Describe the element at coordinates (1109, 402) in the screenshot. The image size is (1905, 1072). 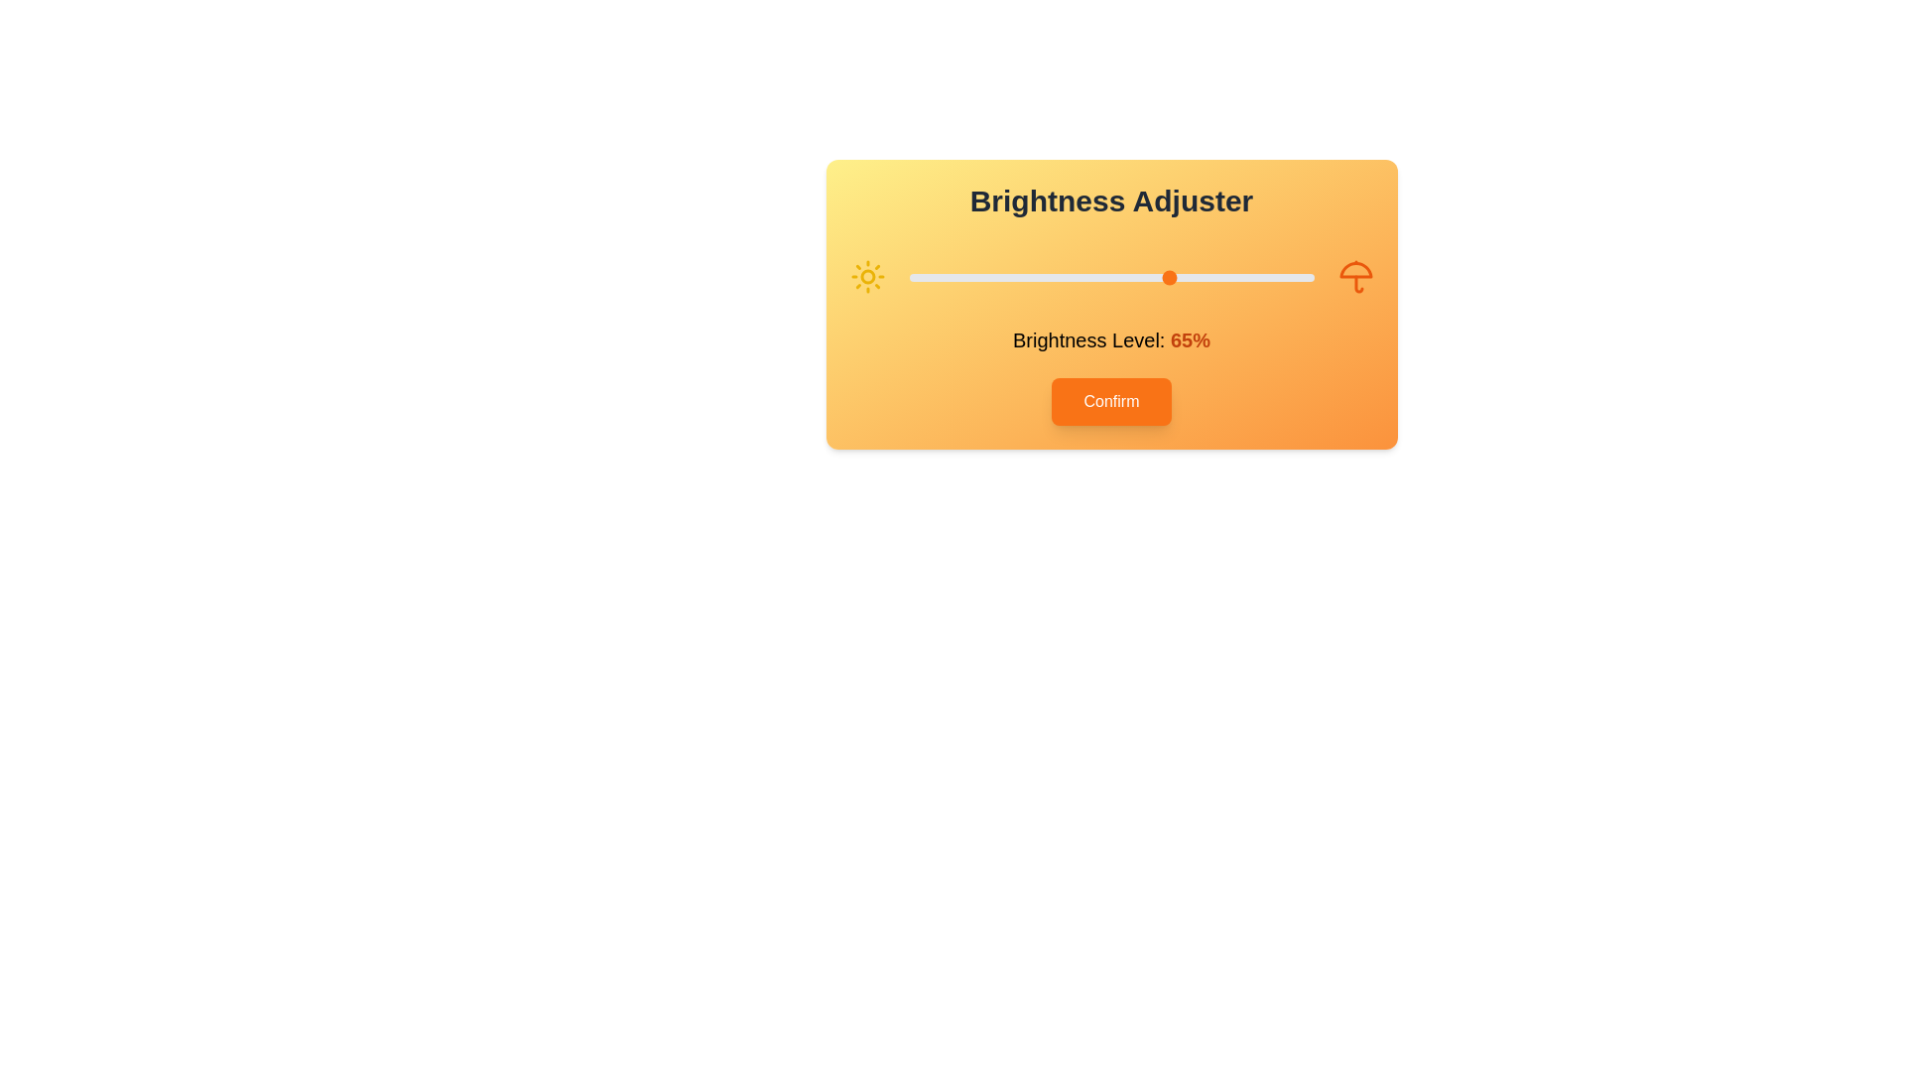
I see `the confirm button to confirm the brightness setting` at that location.